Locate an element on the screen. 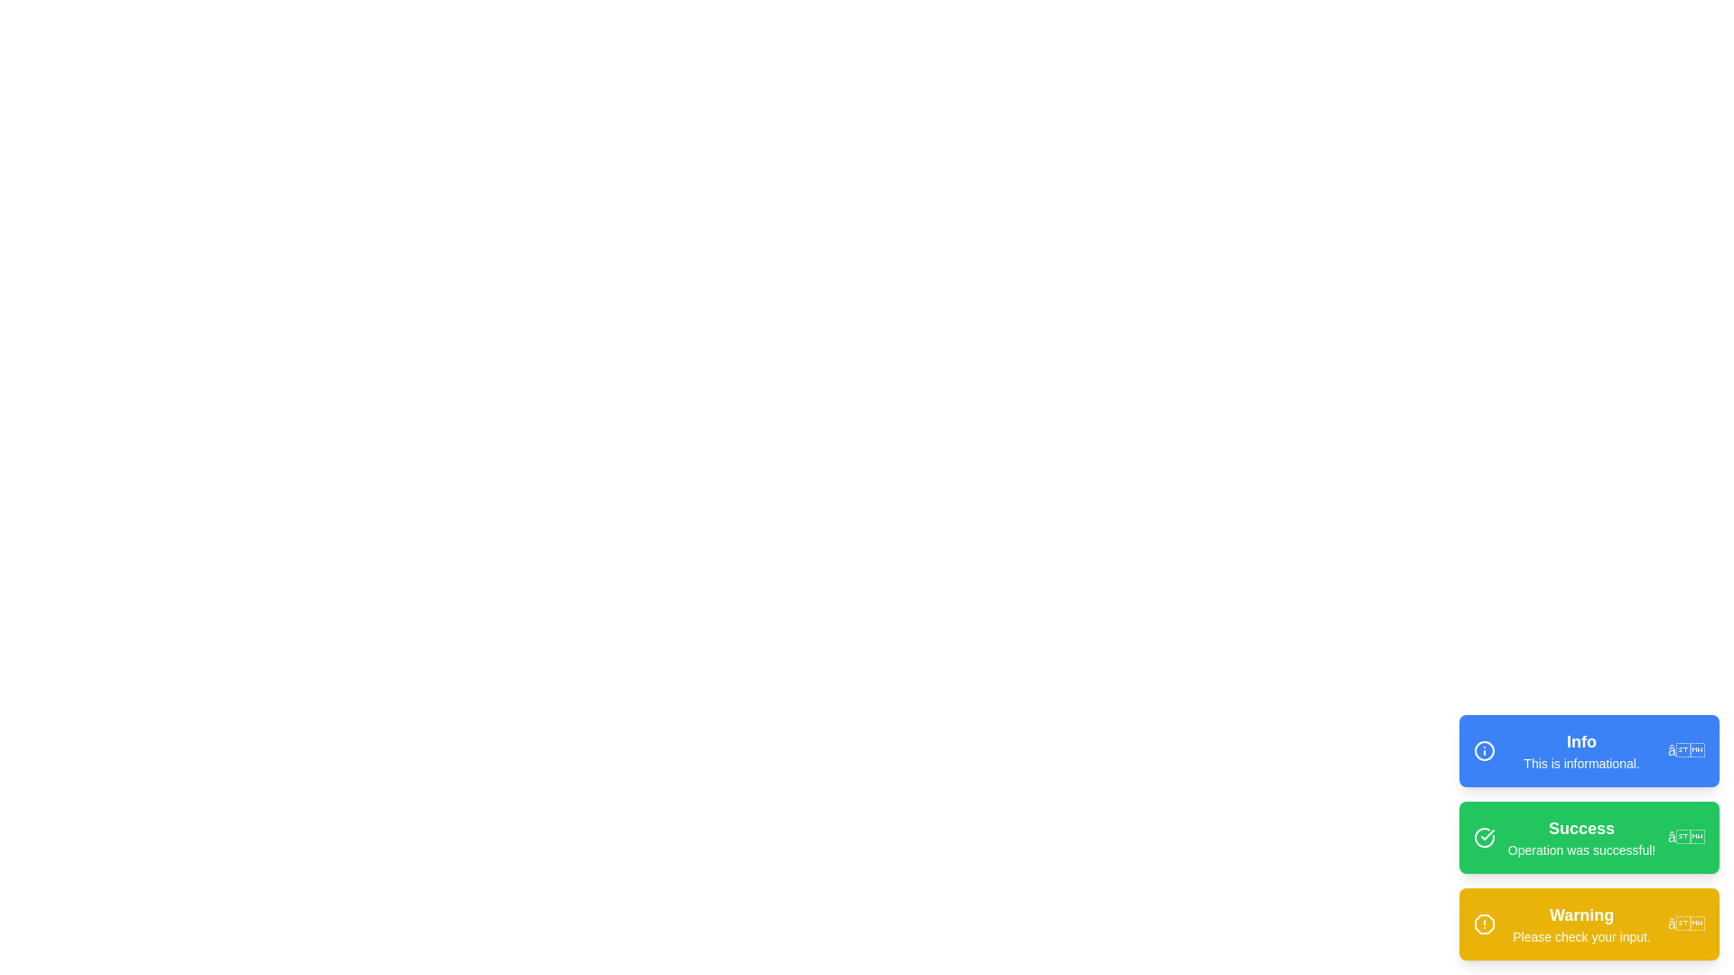  the small green circular icon within the confirmation checkmark symbol located in the 'Success' section is located at coordinates (1484, 838).